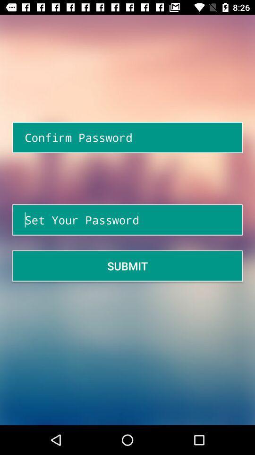  Describe the element at coordinates (127, 266) in the screenshot. I see `submit icon` at that location.